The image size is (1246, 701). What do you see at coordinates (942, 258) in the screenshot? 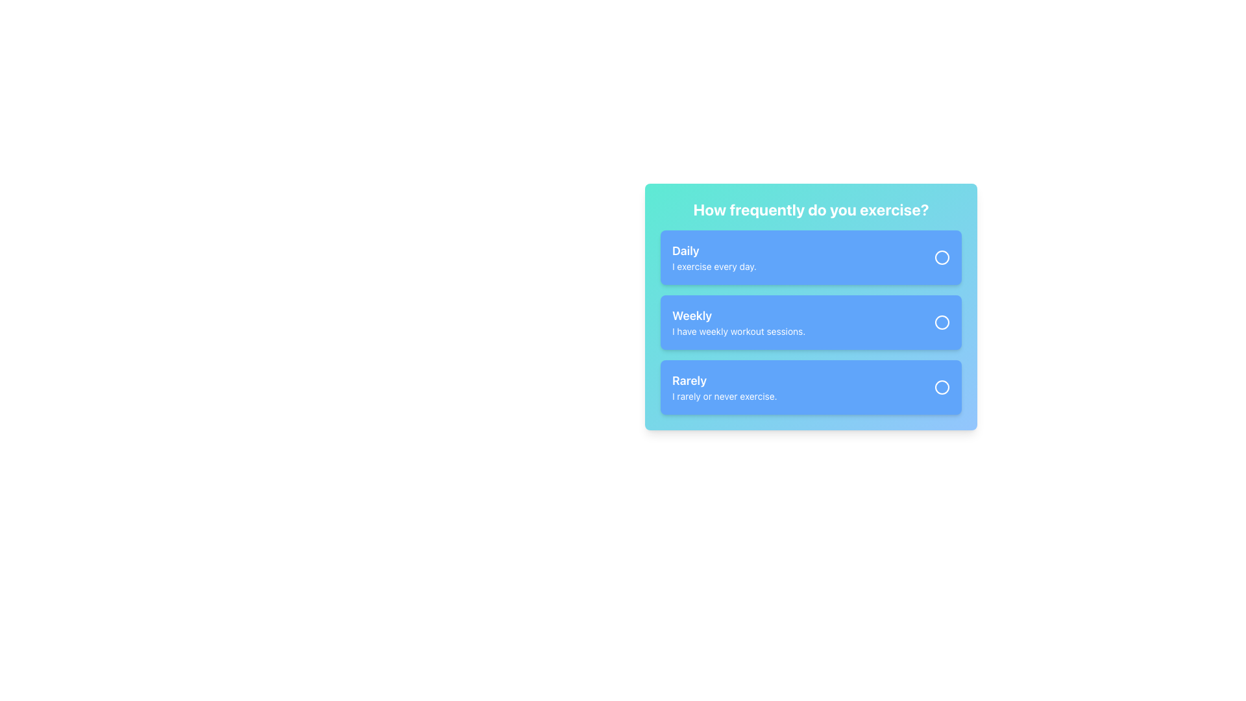
I see `the circular radio button indicator with a hollow center located in the top right corner of the 'Daily' option box` at bounding box center [942, 258].